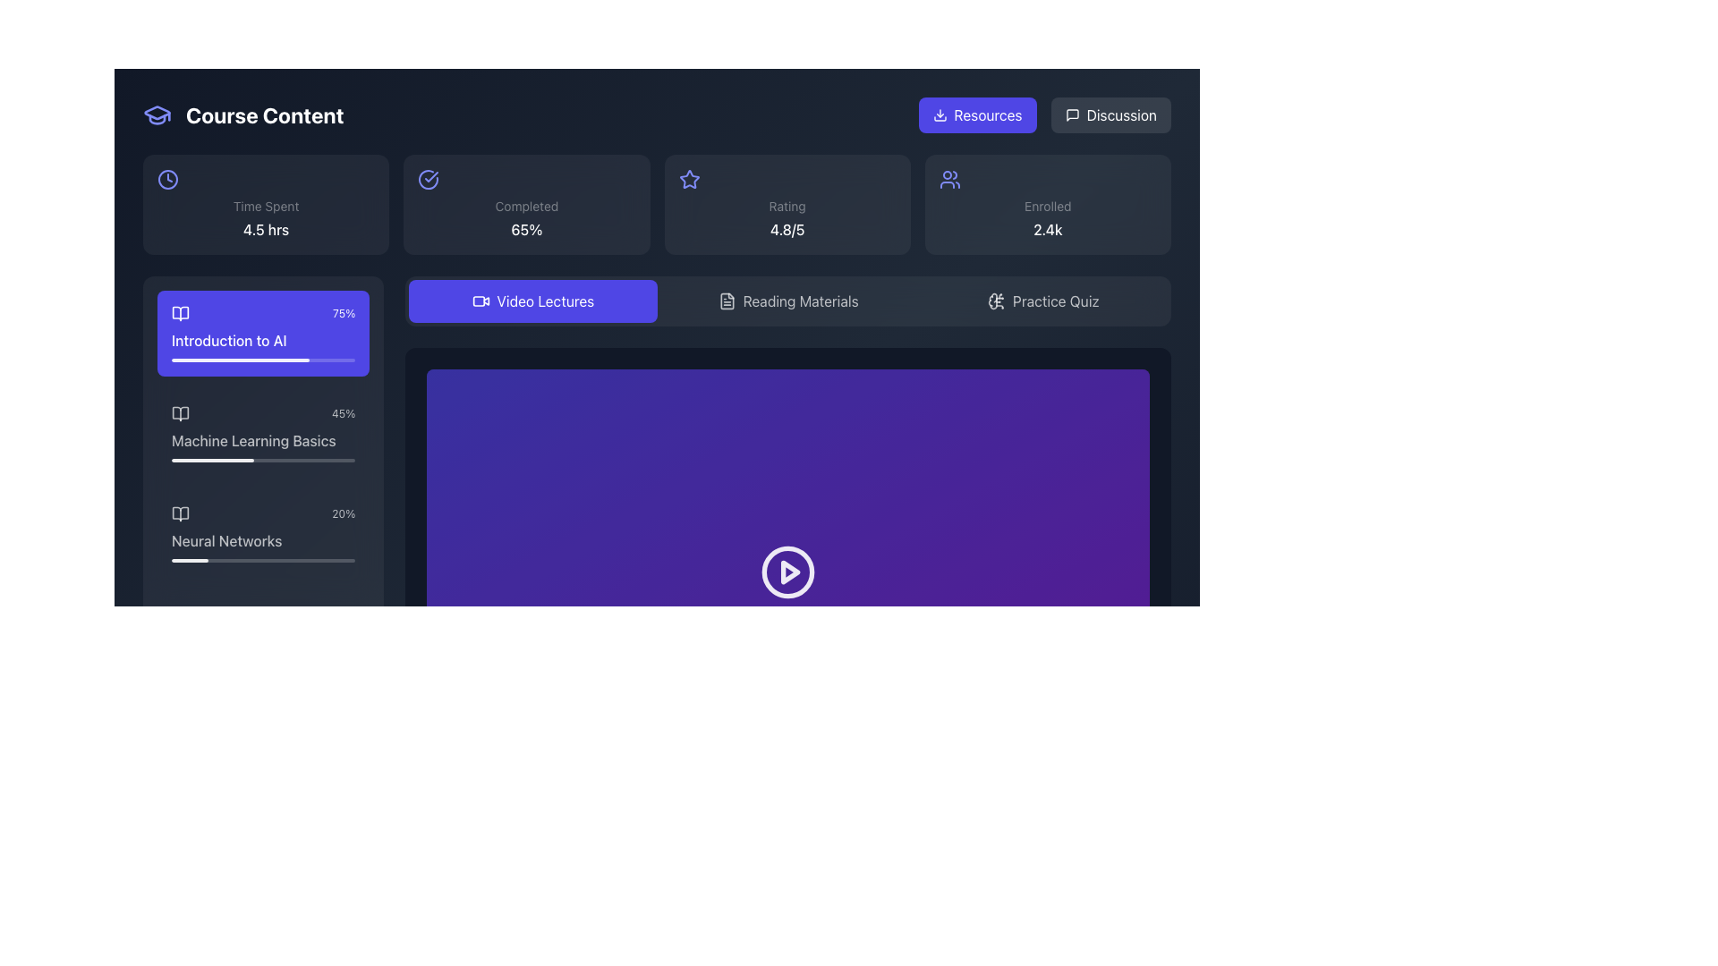  Describe the element at coordinates (344, 513) in the screenshot. I see `the static text element displaying '20%' which is aligned to the right of the 'Neural Networks' course item, within a dark background` at that location.